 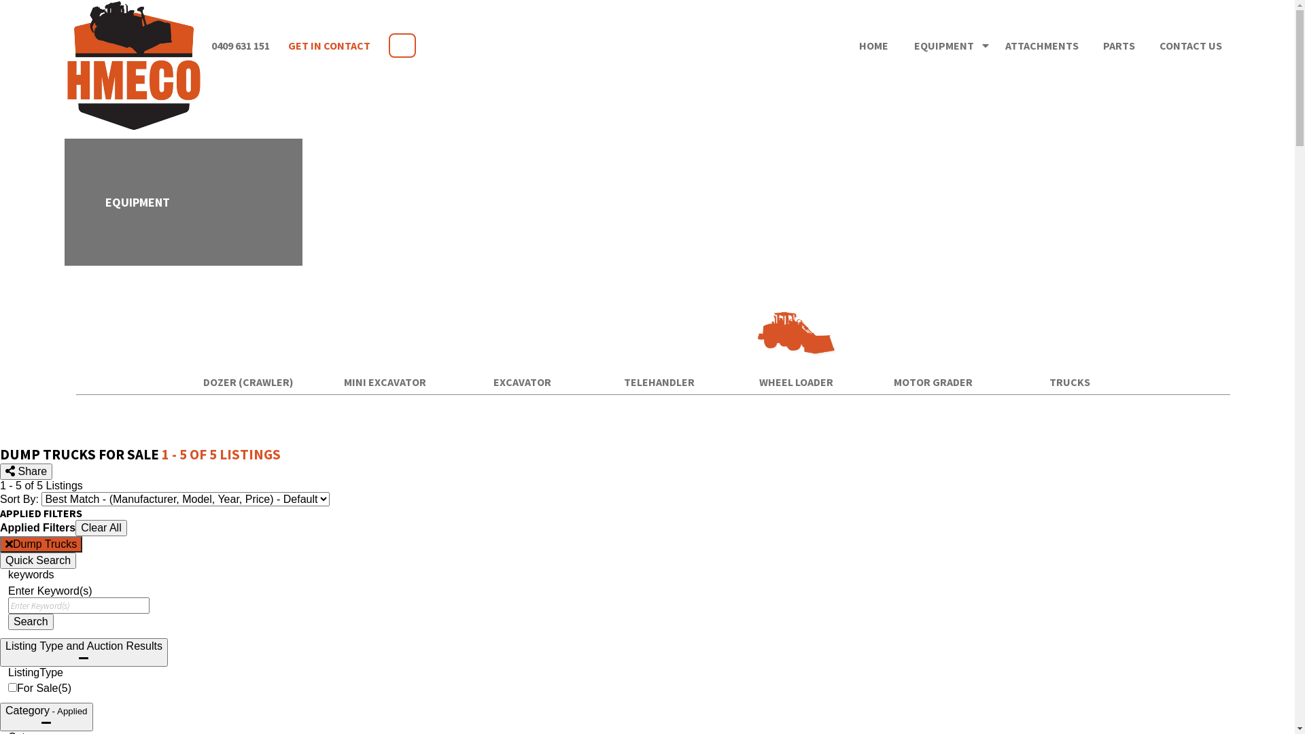 What do you see at coordinates (26, 471) in the screenshot?
I see `'Share'` at bounding box center [26, 471].